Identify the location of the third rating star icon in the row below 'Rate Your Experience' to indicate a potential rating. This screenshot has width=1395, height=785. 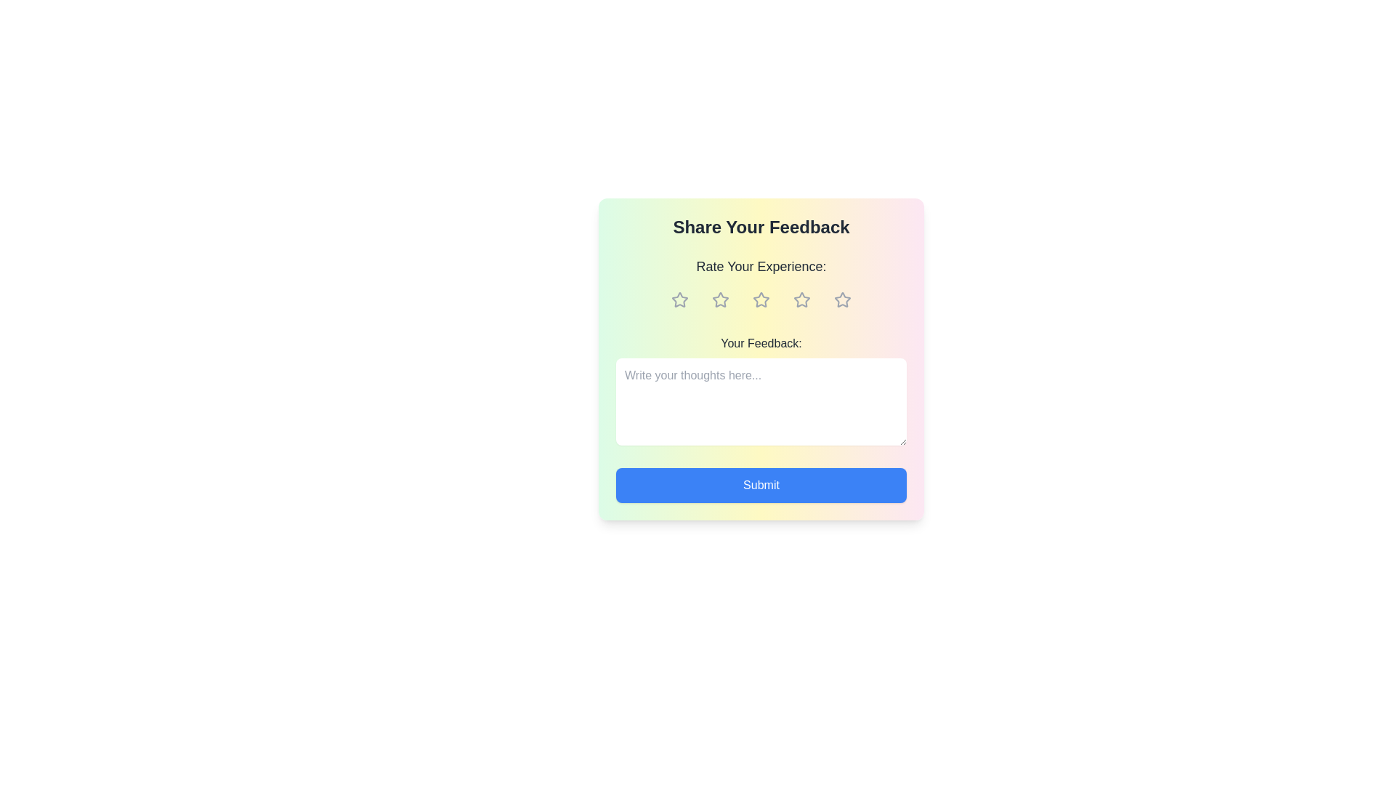
(760, 299).